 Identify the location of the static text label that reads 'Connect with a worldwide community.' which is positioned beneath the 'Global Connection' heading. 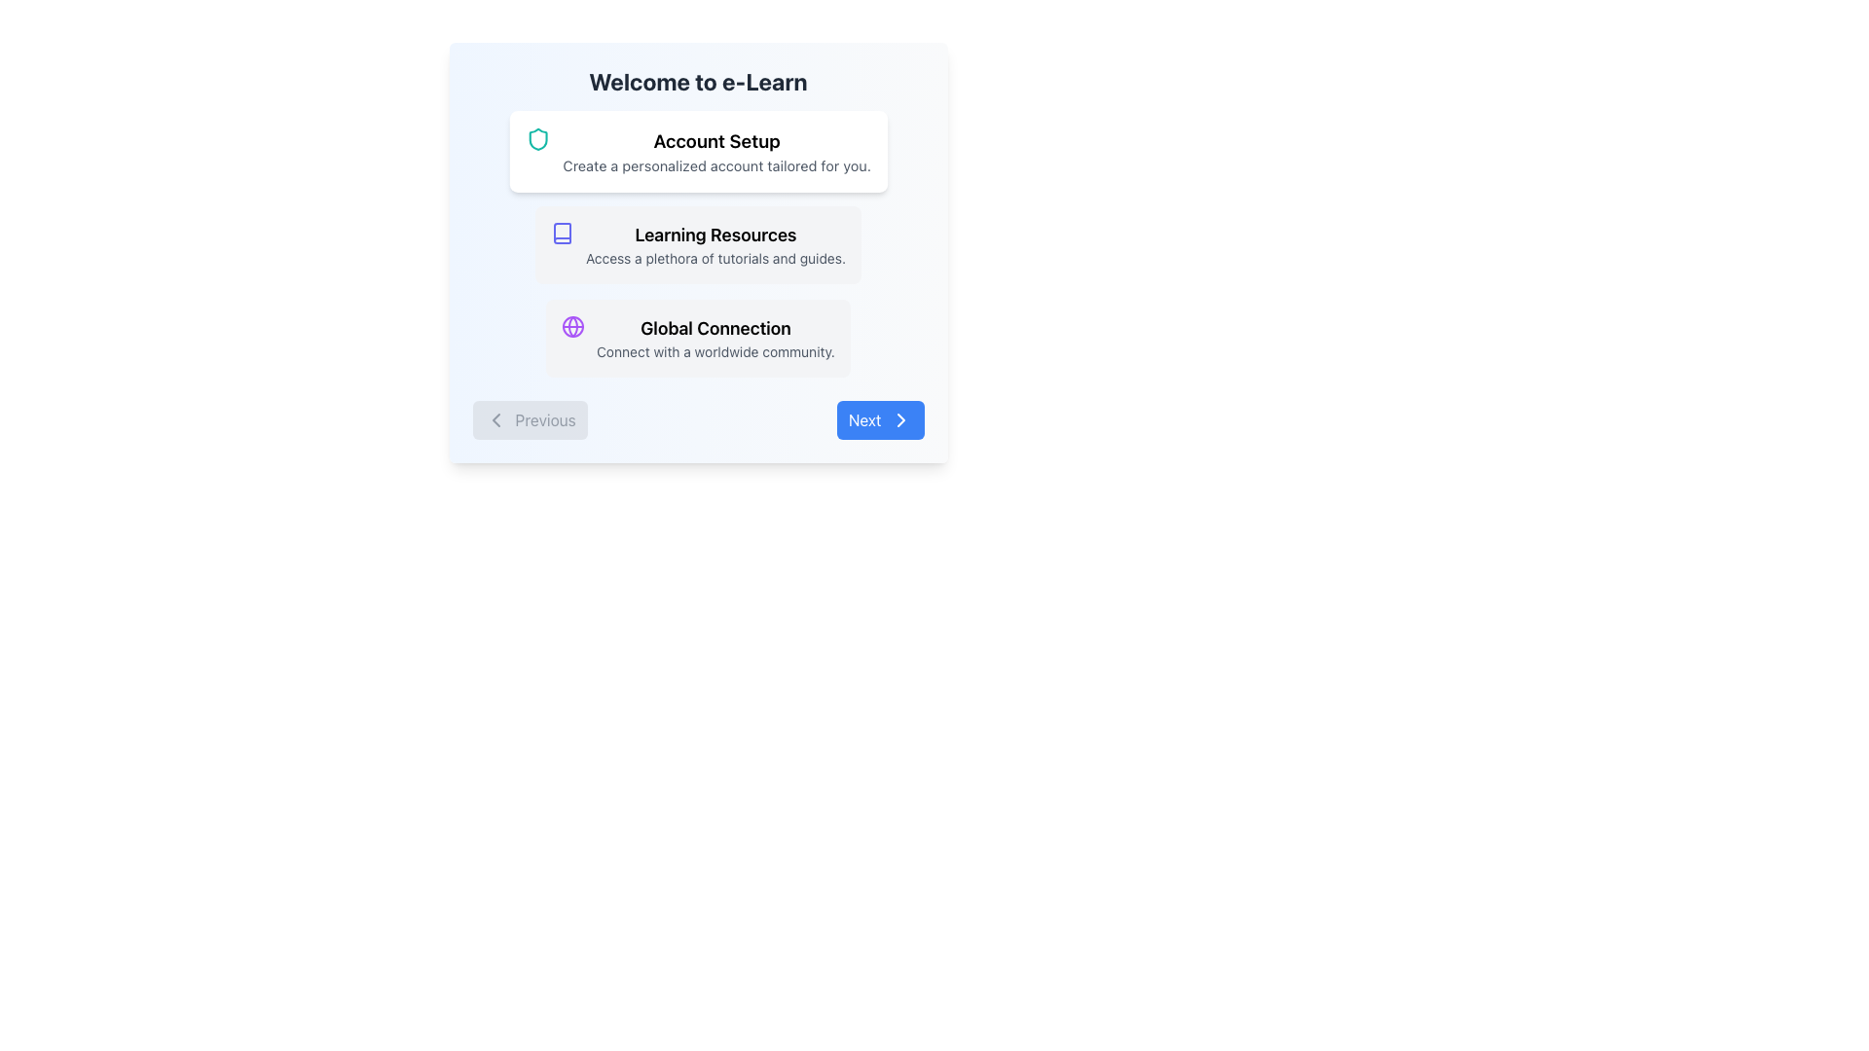
(715, 352).